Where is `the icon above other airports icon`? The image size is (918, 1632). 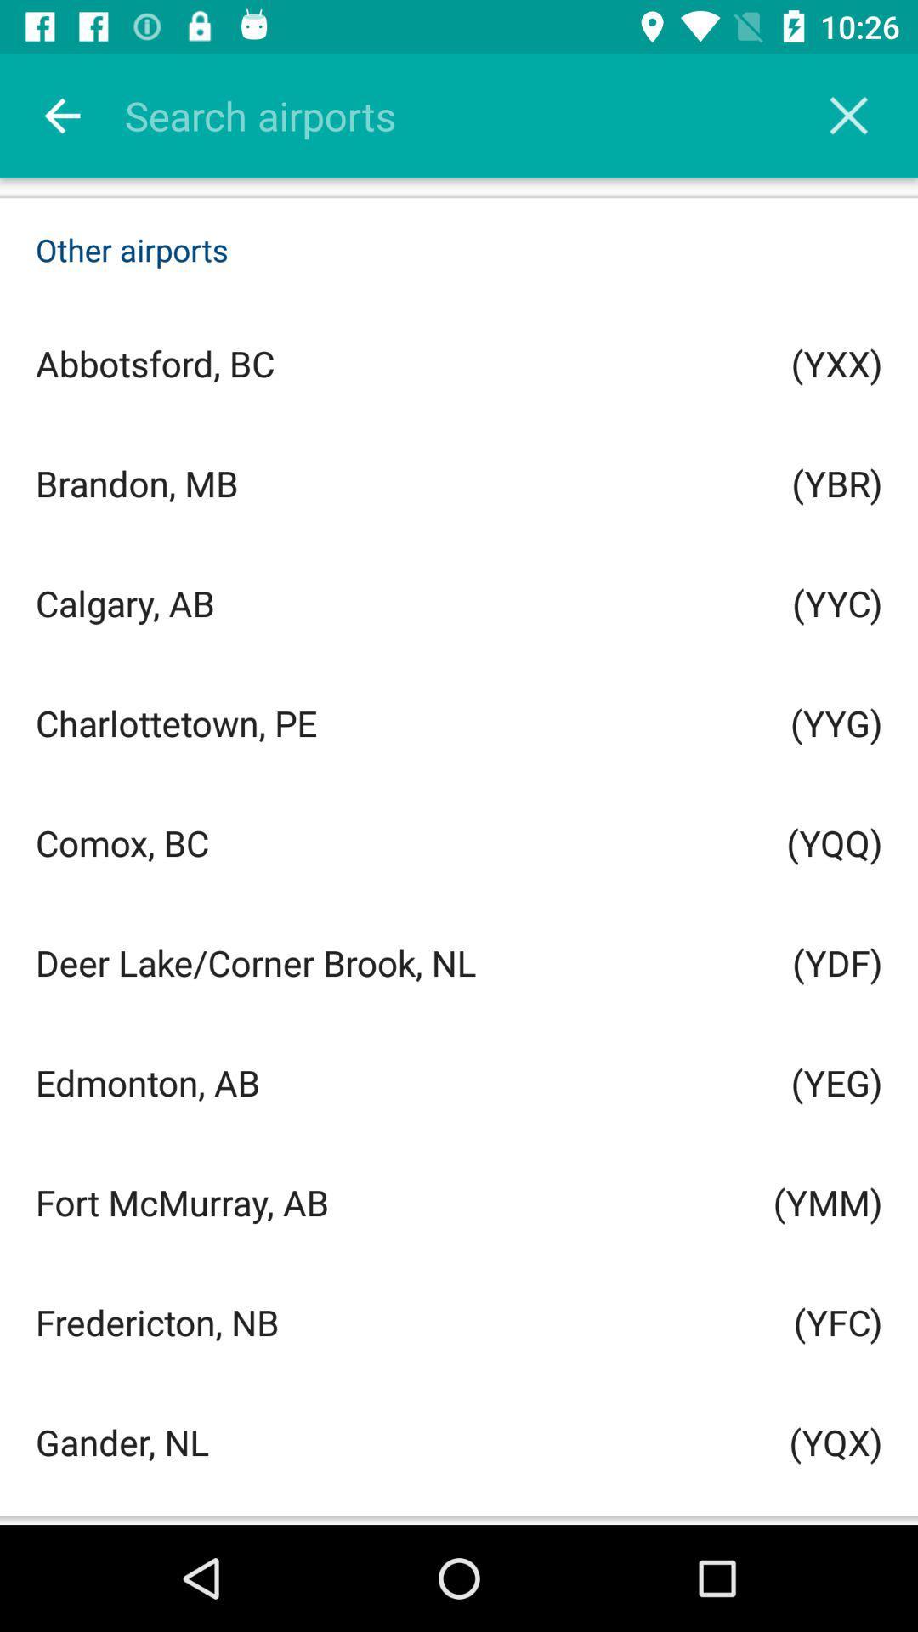 the icon above other airports icon is located at coordinates (848, 115).